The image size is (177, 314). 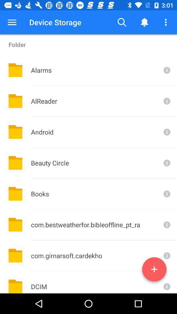 What do you see at coordinates (166, 194) in the screenshot?
I see `more info about books` at bounding box center [166, 194].